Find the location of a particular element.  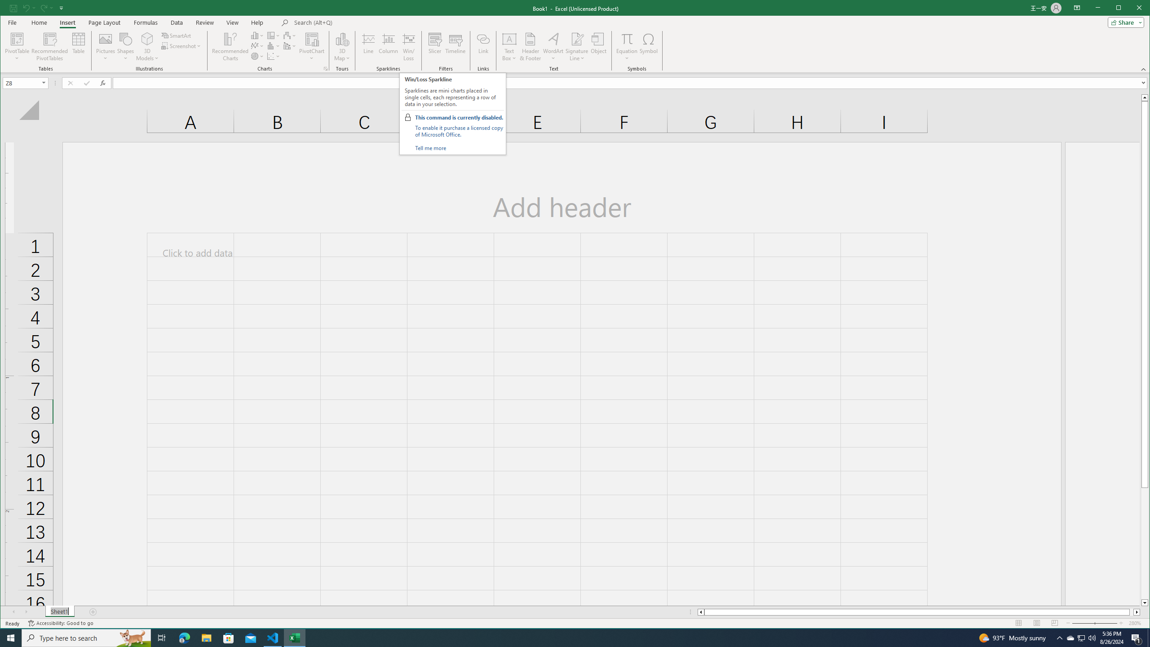

'Insert Scatter (X, Y) or Bubble Chart' is located at coordinates (273, 56).